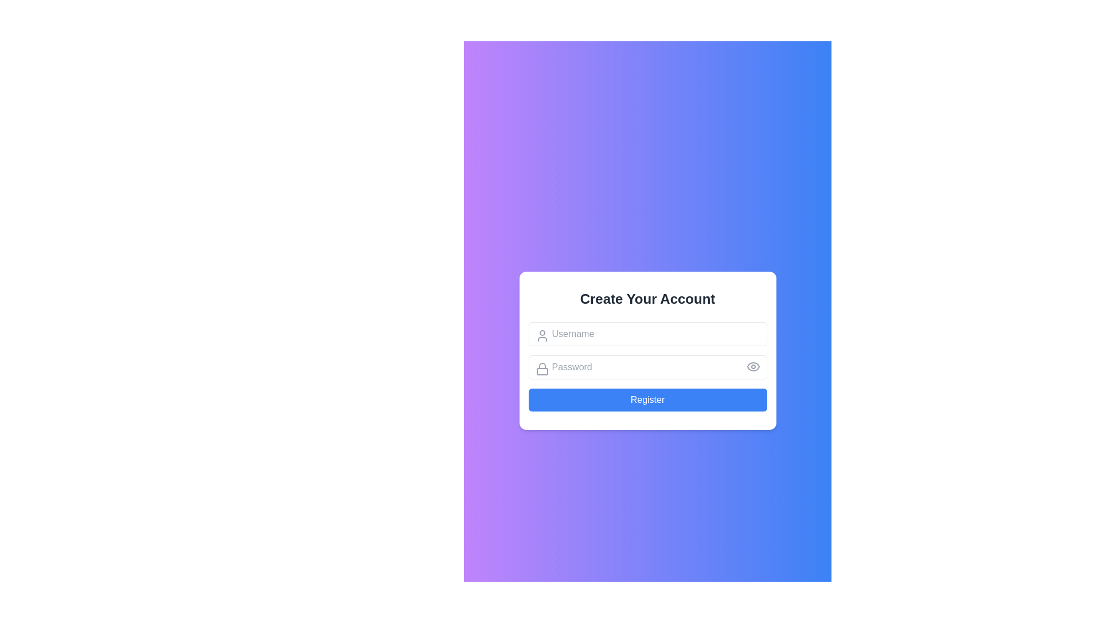  Describe the element at coordinates (541, 335) in the screenshot. I see `the icon located to the left of the username input field, which indicates the purpose of the adjacent text field for entering a username or user identifier` at that location.